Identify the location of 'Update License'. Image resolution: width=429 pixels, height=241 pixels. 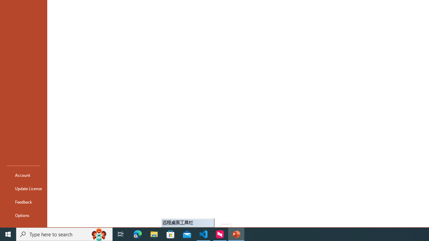
(24, 188).